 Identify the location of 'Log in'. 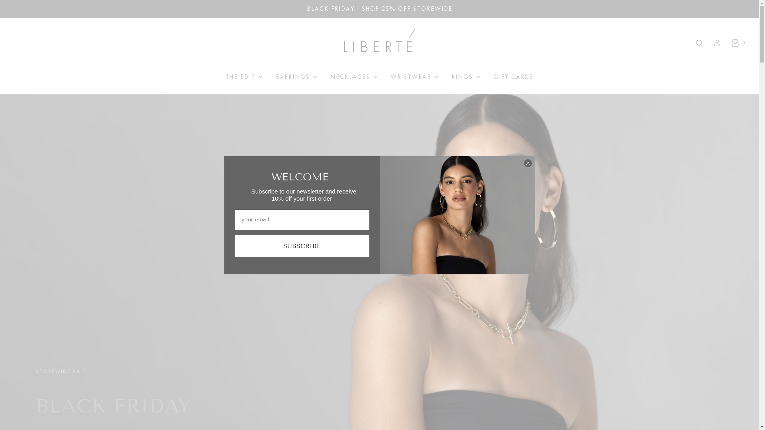
(717, 43).